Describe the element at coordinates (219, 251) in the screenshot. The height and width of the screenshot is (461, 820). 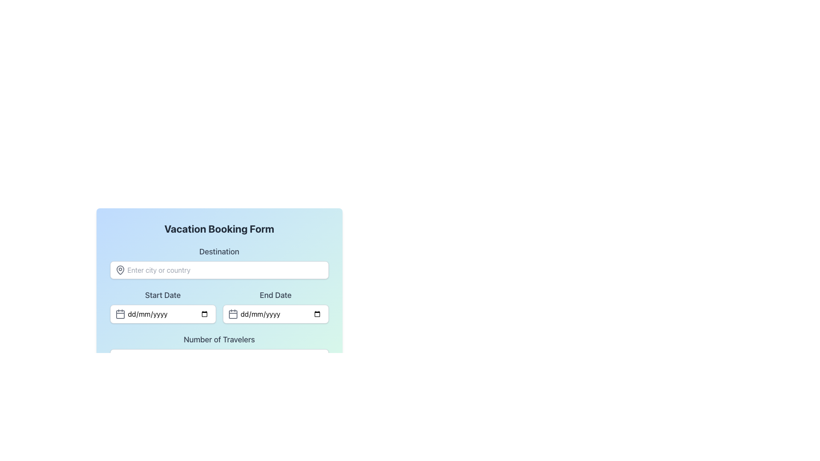
I see `the bold 'Destination' label, which serves as a heading for the associated input field located directly below it` at that location.